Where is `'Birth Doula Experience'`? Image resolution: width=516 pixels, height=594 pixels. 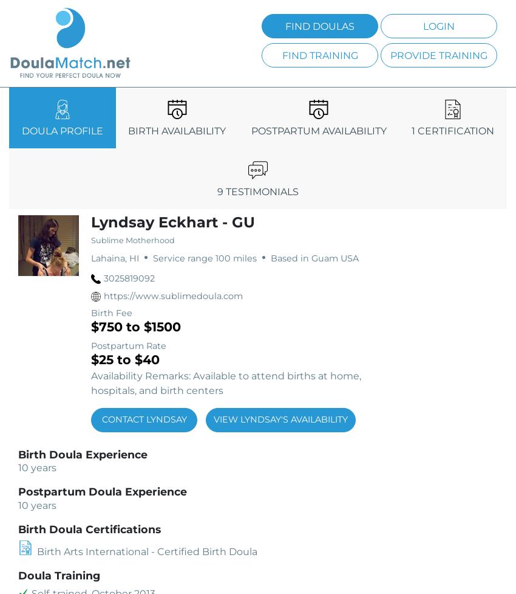
'Birth Doula Experience' is located at coordinates (83, 454).